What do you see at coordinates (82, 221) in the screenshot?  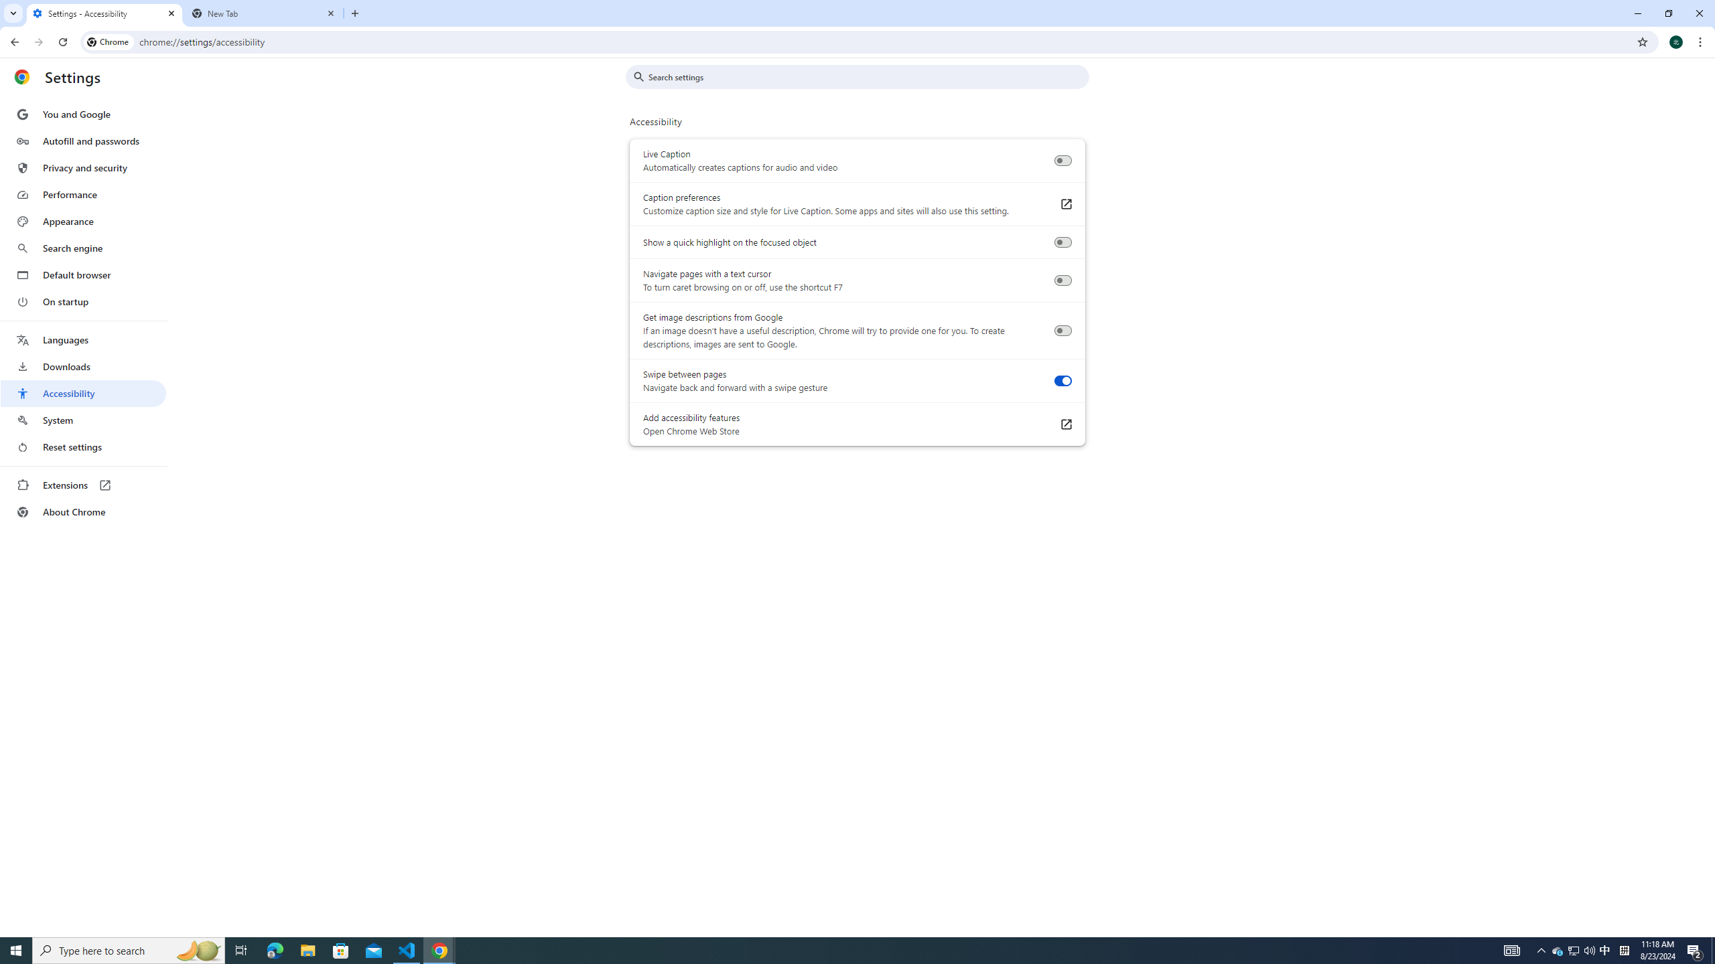 I see `'Appearance'` at bounding box center [82, 221].